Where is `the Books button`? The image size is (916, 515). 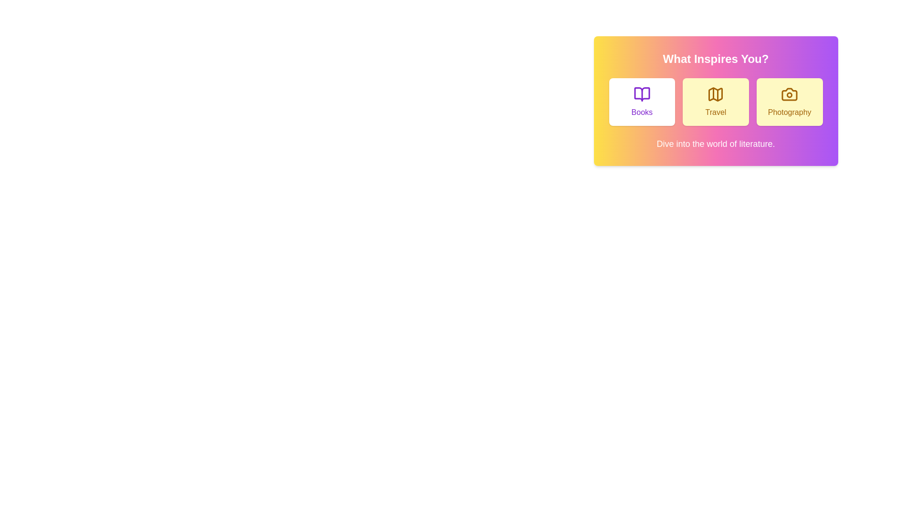 the Books button is located at coordinates (642, 102).